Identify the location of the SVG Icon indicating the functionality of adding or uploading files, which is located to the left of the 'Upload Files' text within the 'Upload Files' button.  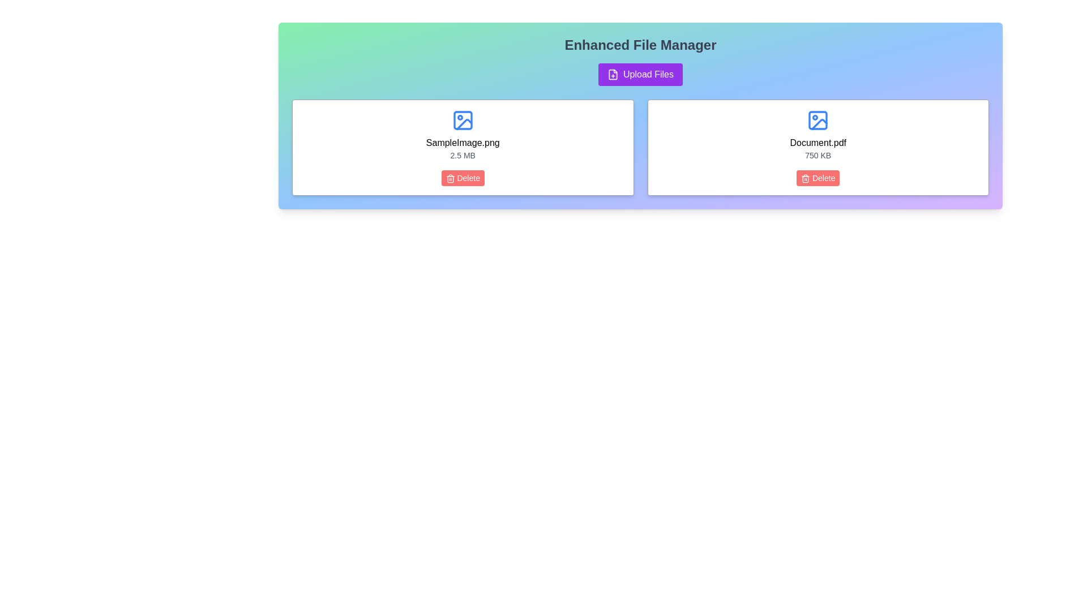
(613, 74).